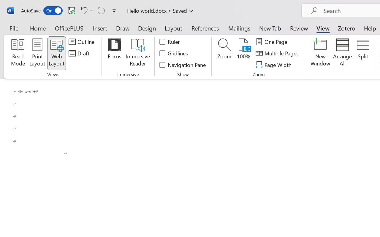 Image resolution: width=380 pixels, height=237 pixels. What do you see at coordinates (41, 10) in the screenshot?
I see `'AutoSave'` at bounding box center [41, 10].